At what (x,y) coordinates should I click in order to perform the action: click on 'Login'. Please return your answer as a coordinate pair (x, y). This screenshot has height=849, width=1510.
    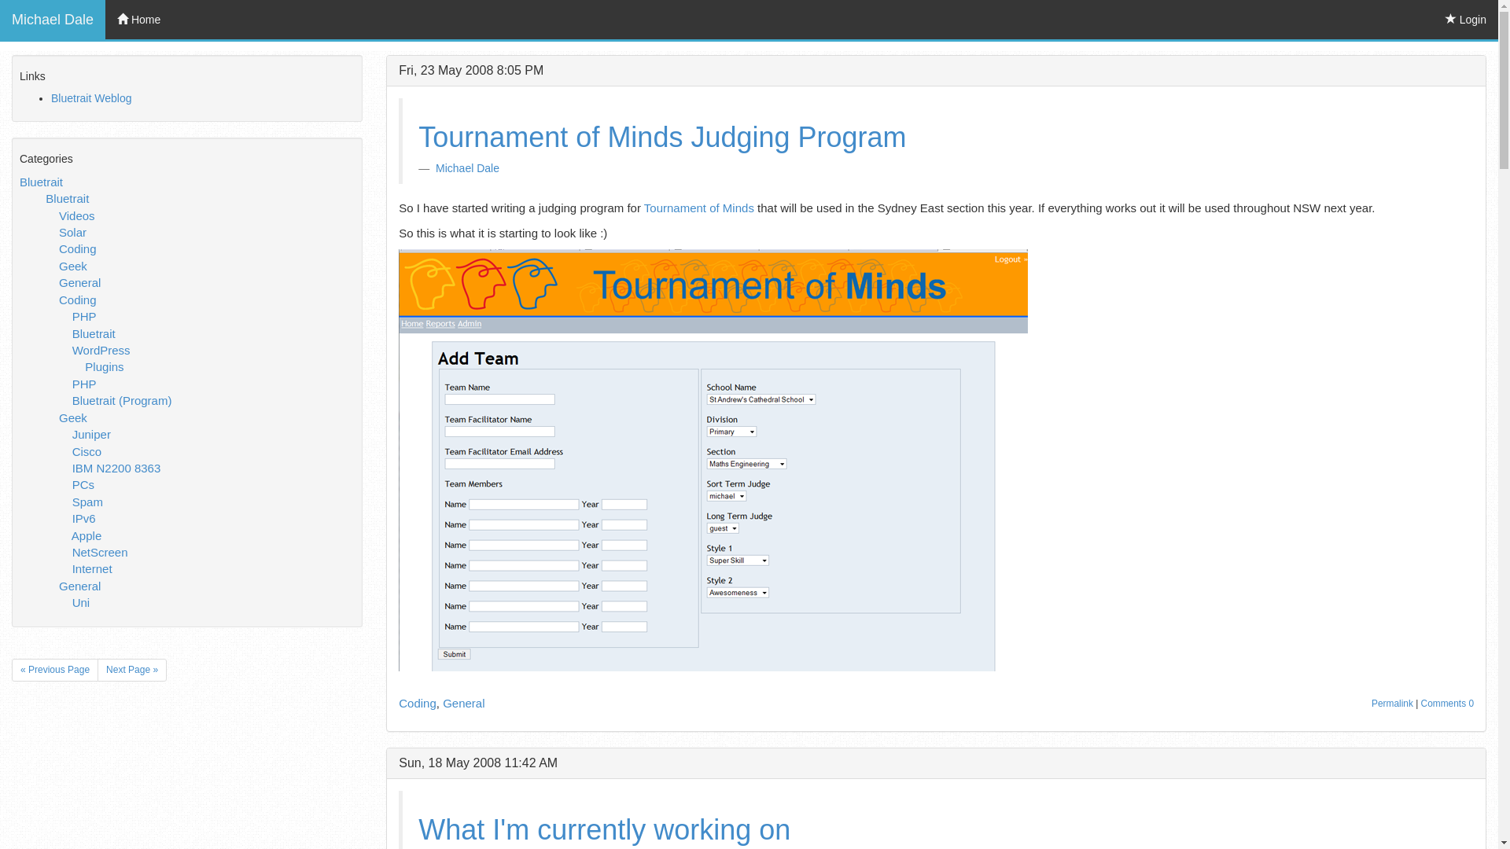
    Looking at the image, I should click on (1464, 19).